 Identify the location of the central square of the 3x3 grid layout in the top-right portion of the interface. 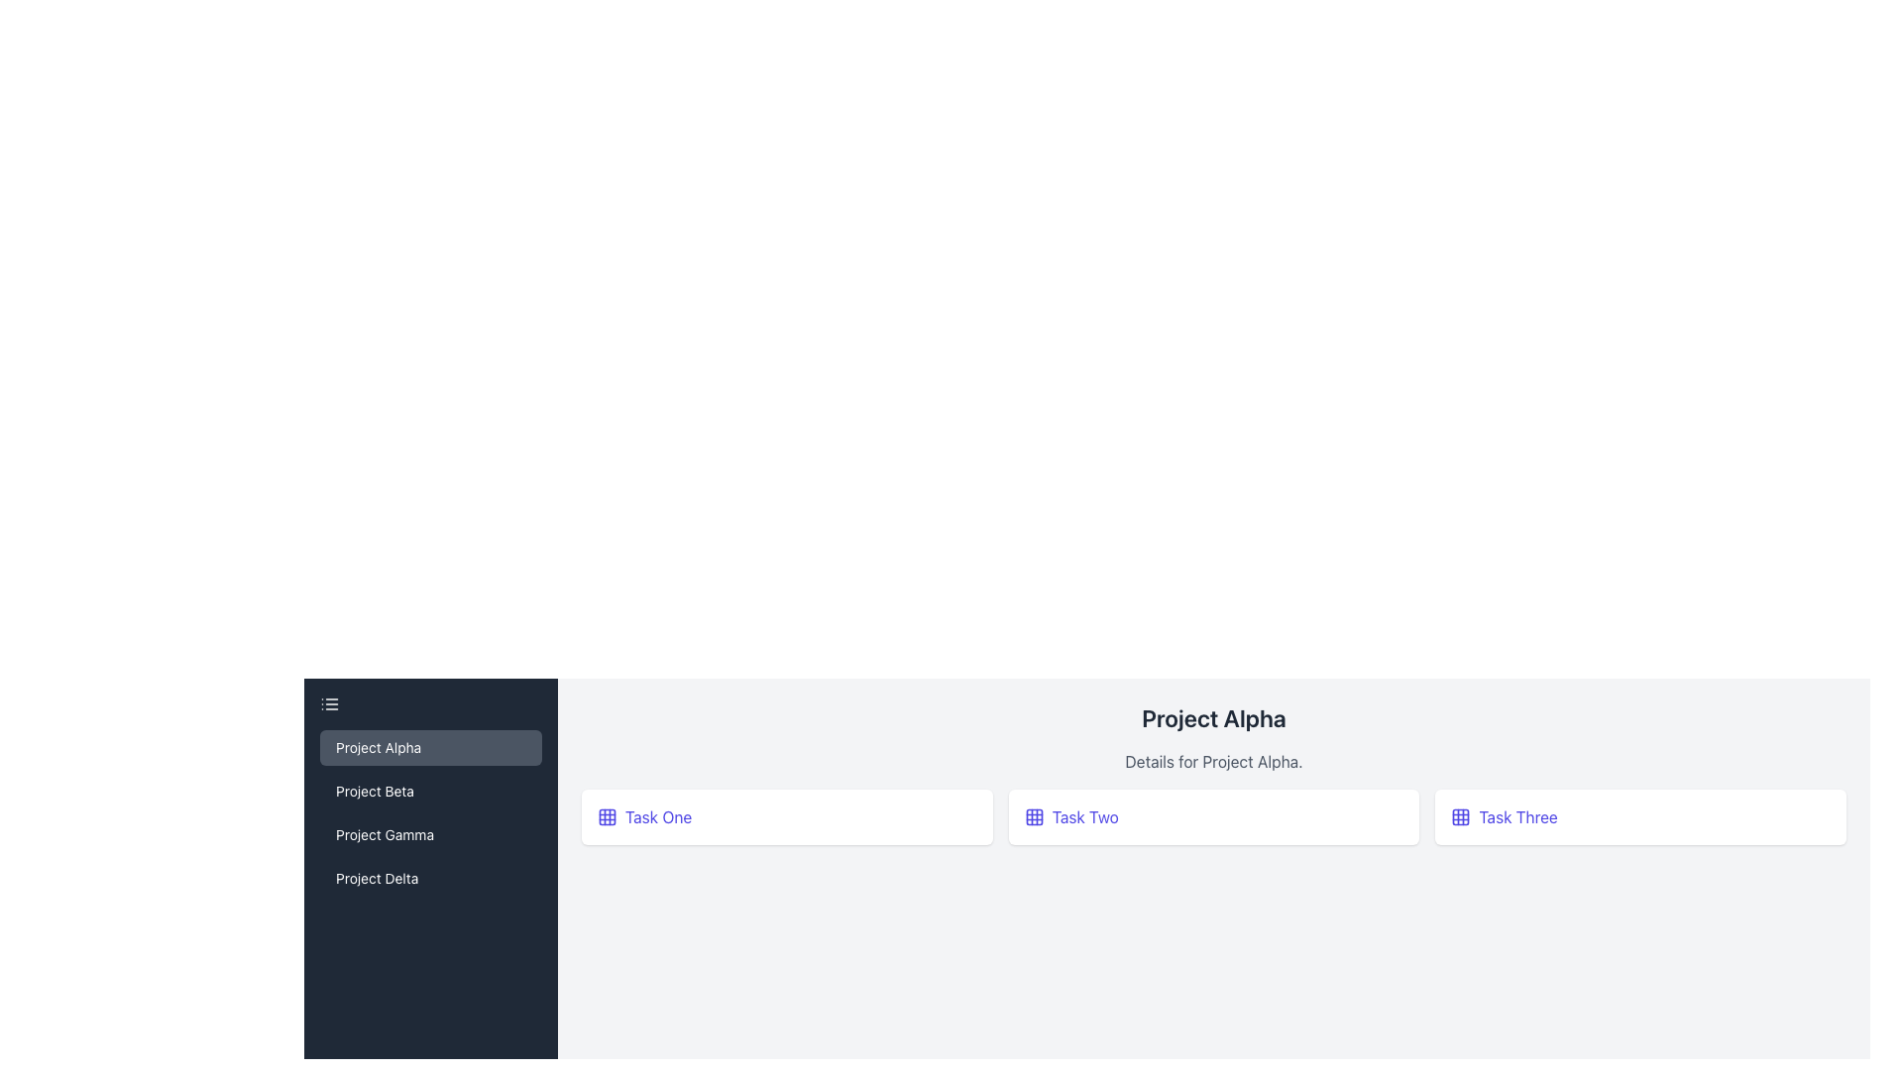
(1461, 817).